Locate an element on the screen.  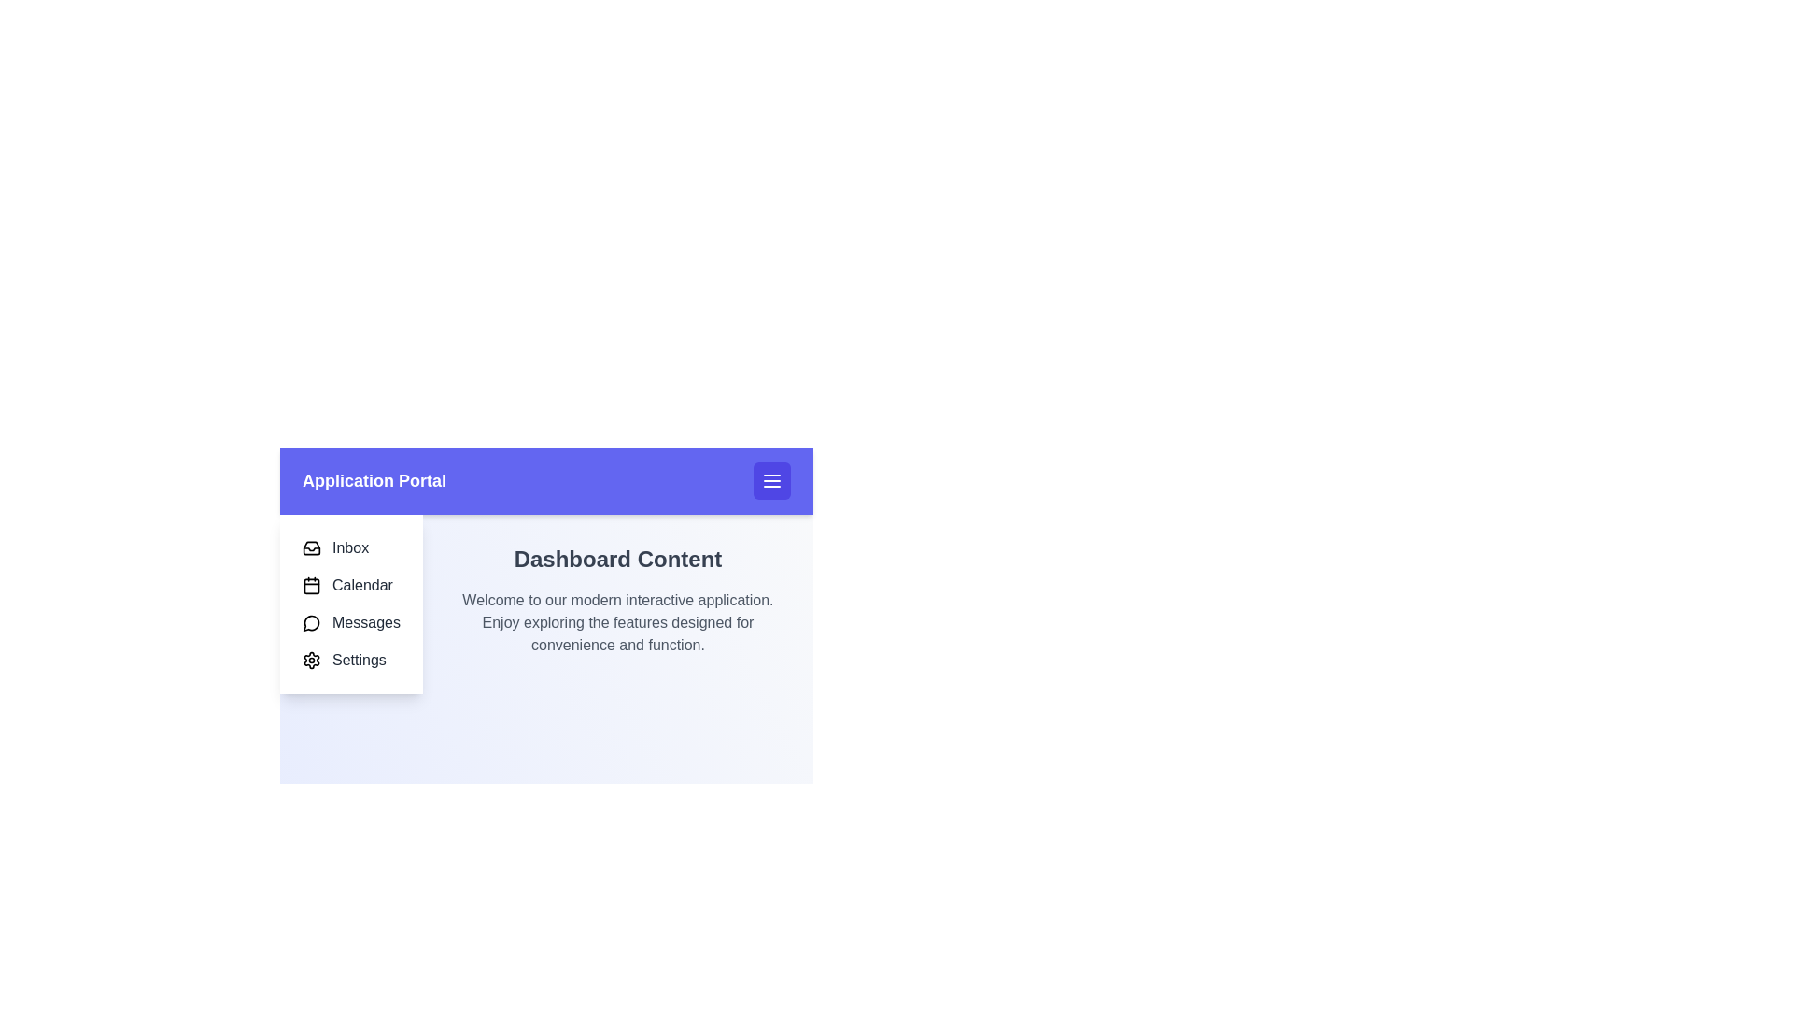
the 'Messages' item in the sidebar menu is located at coordinates (351, 604).